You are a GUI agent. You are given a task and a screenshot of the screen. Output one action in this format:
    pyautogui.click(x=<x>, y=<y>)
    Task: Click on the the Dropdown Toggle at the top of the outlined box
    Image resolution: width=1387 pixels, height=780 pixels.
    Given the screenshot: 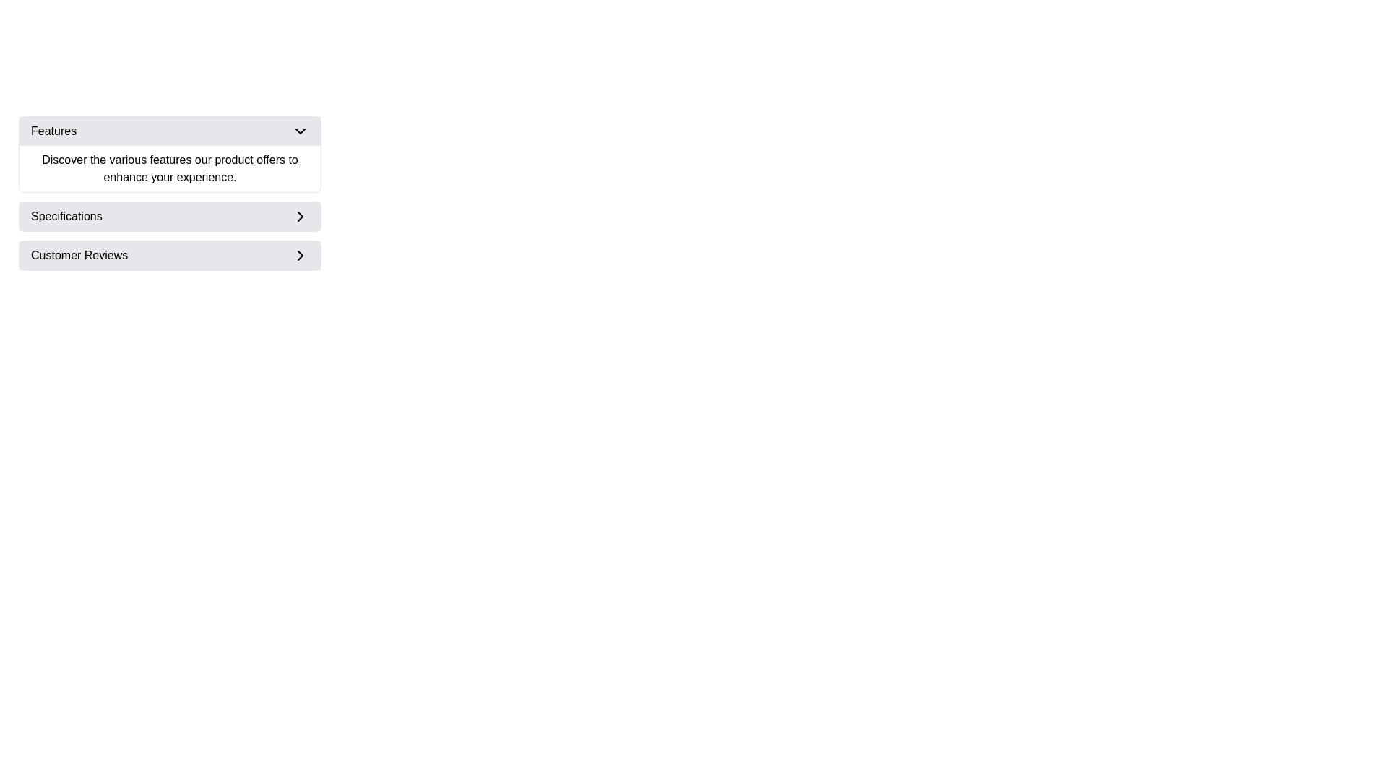 What is the action you would take?
    pyautogui.click(x=170, y=131)
    